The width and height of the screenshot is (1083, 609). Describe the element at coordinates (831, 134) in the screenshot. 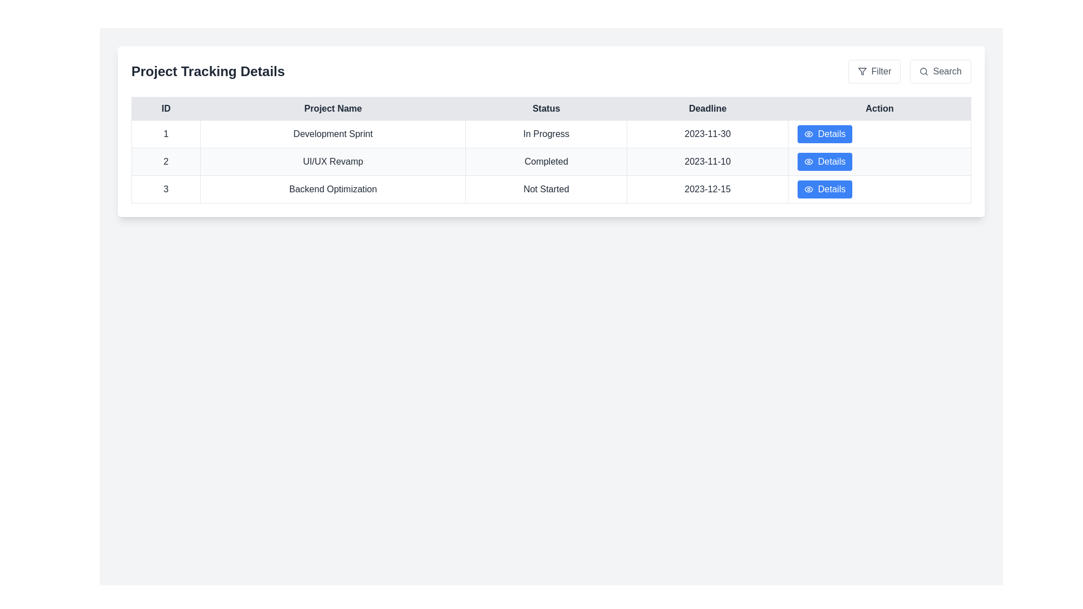

I see `the 'Details' text label, which is styled with white text on a blue rectangular background and is located in the first position under the 'Action' column of a table` at that location.